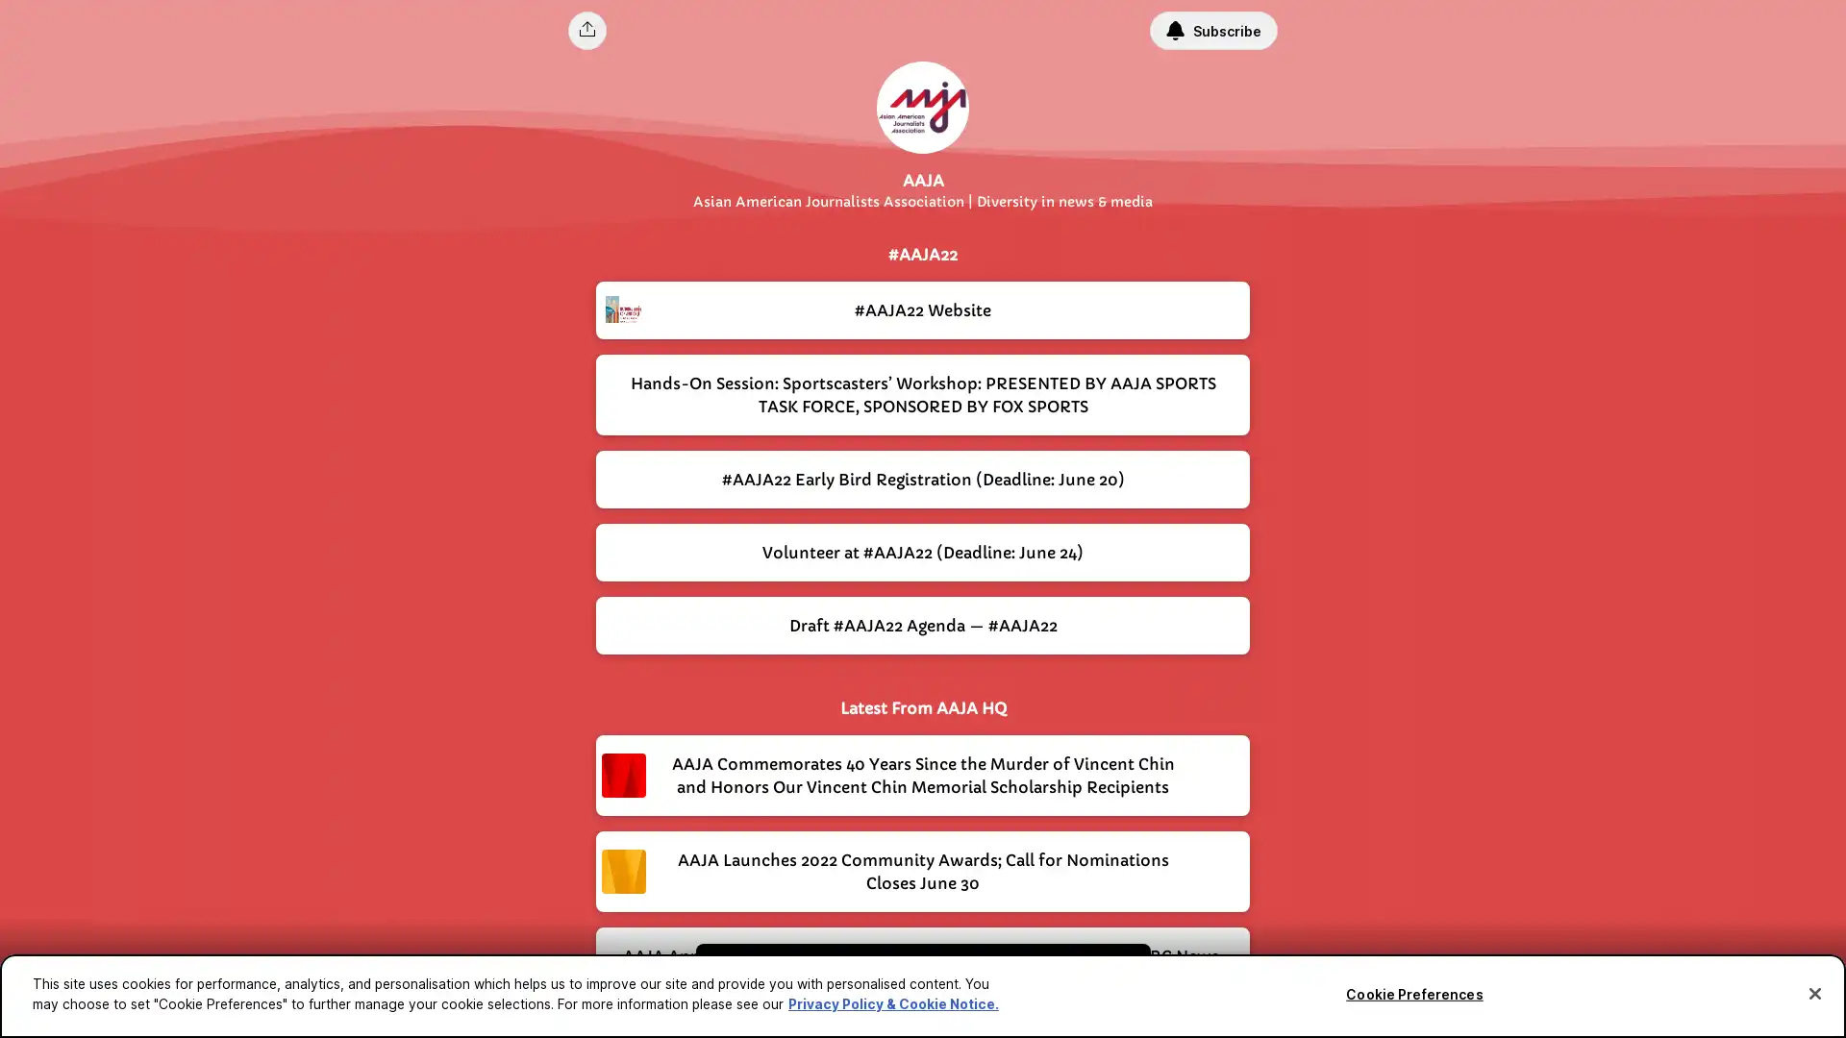 Image resolution: width=1846 pixels, height=1038 pixels. What do you see at coordinates (1813, 993) in the screenshot?
I see `Close` at bounding box center [1813, 993].